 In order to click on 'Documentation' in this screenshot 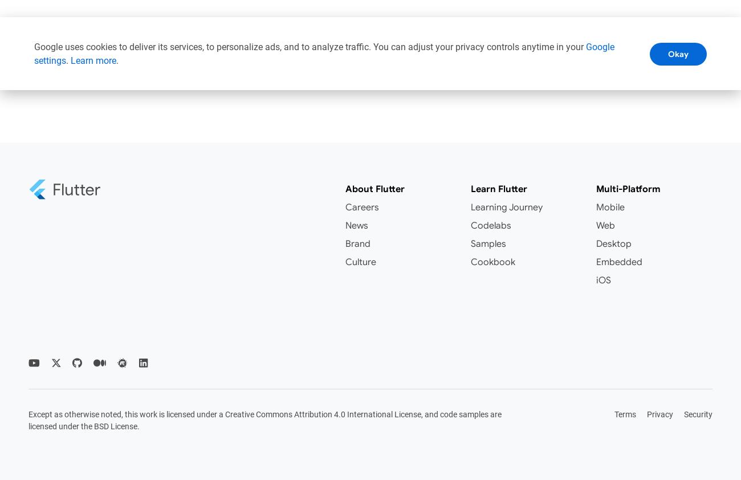, I will do `click(374, 25)`.